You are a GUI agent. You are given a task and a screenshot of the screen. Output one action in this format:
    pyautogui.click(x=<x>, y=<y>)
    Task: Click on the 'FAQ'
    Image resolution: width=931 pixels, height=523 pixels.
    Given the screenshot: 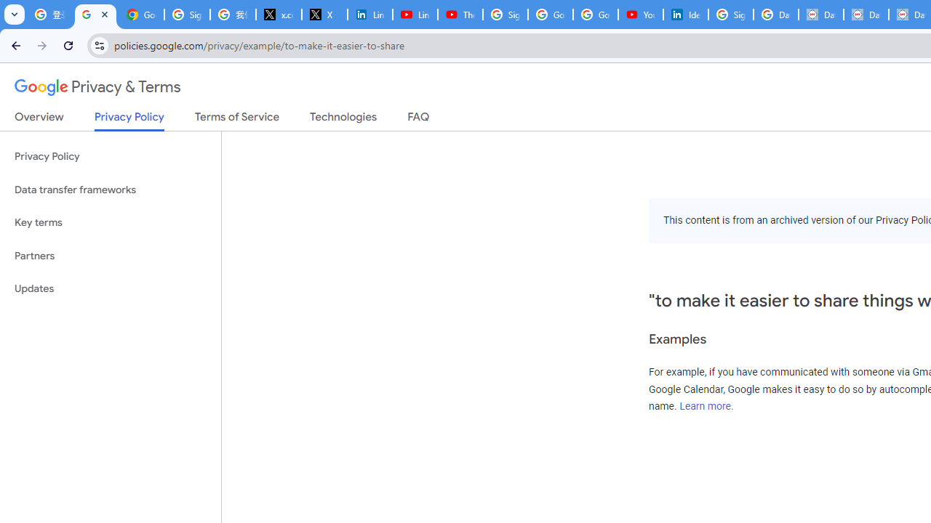 What is the action you would take?
    pyautogui.click(x=418, y=119)
    